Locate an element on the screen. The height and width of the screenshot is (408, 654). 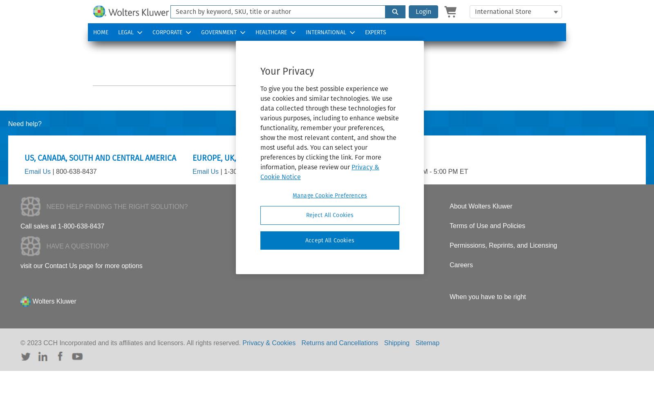
'Returns and Cancellations' is located at coordinates (339, 342).